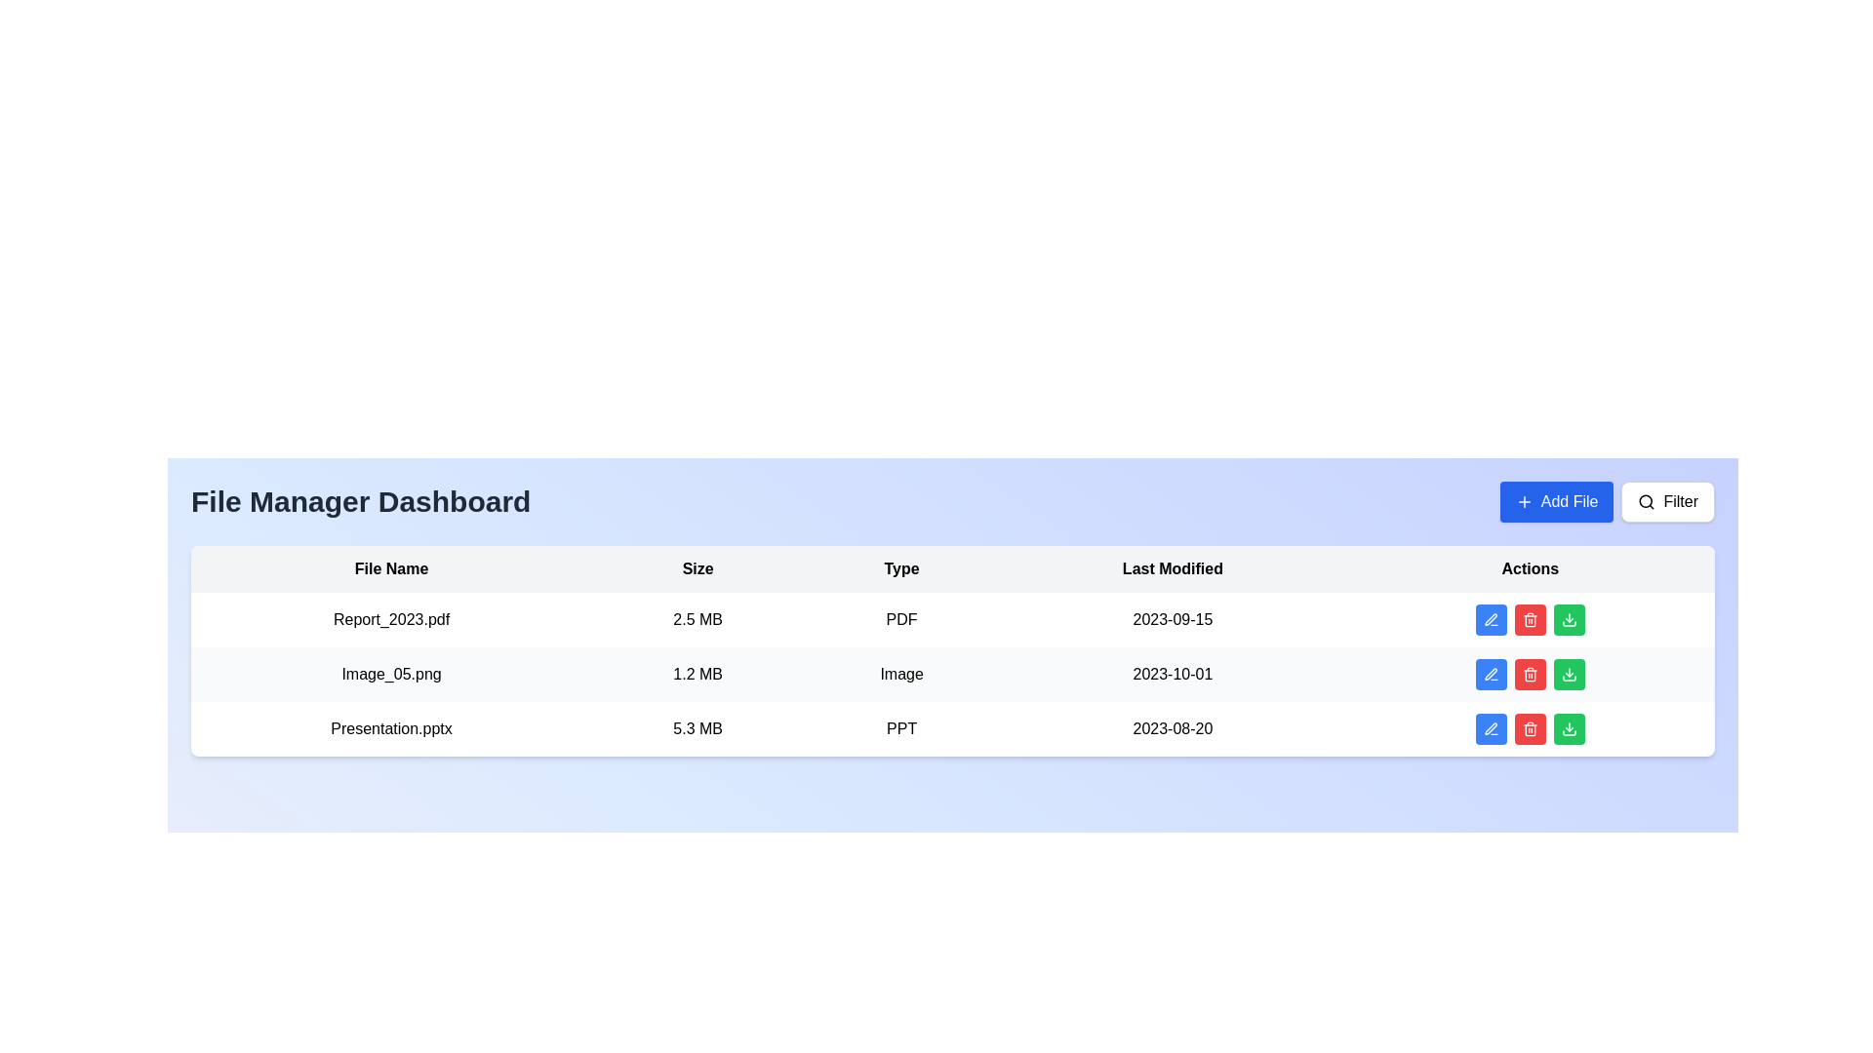 This screenshot has height=1053, width=1873. I want to click on the text label displaying the file size '1.2 MB', which is located in the second row of the file list in the 'Size' column, positioned between 'Image_05.png' and 'Image', so click(697, 673).